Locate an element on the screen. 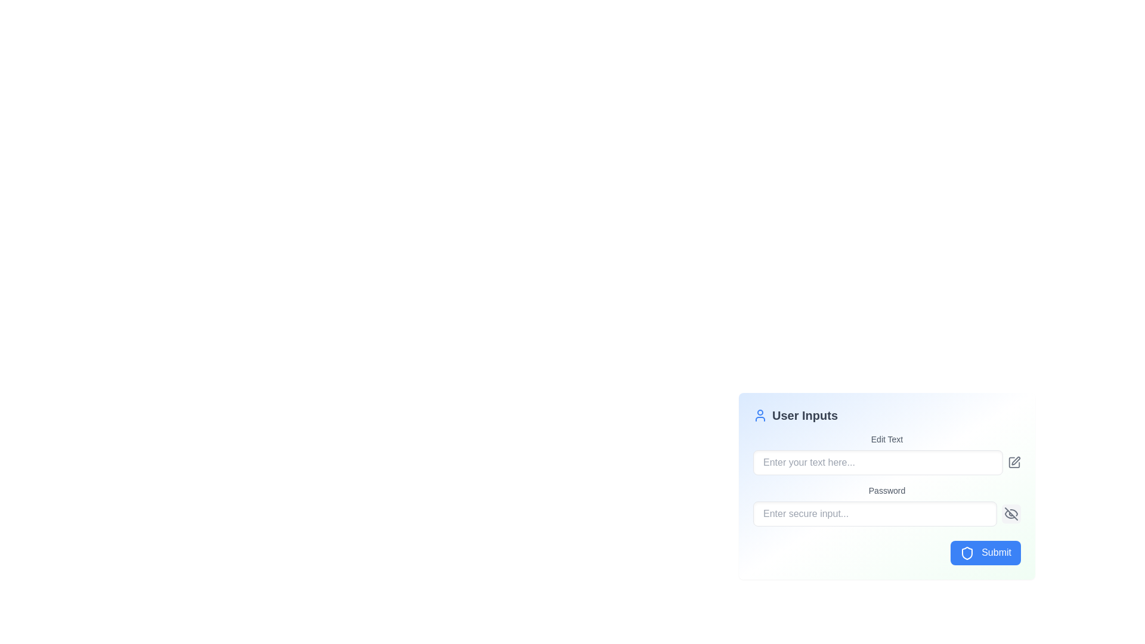  the password label located within the modal box, which indicates the expected content for the password input field below it is located at coordinates (887, 486).